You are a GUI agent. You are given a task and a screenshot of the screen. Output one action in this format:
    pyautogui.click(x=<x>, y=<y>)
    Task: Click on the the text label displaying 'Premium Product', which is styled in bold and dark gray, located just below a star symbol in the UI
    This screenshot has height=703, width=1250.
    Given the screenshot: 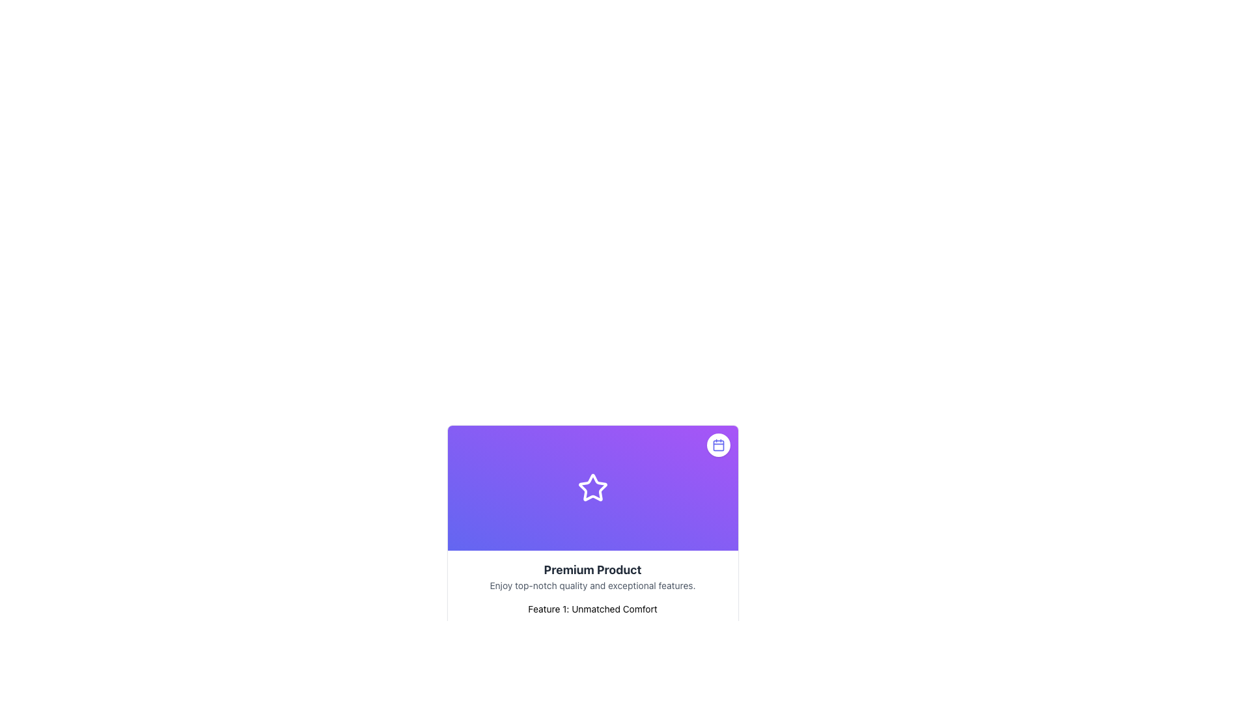 What is the action you would take?
    pyautogui.click(x=592, y=569)
    